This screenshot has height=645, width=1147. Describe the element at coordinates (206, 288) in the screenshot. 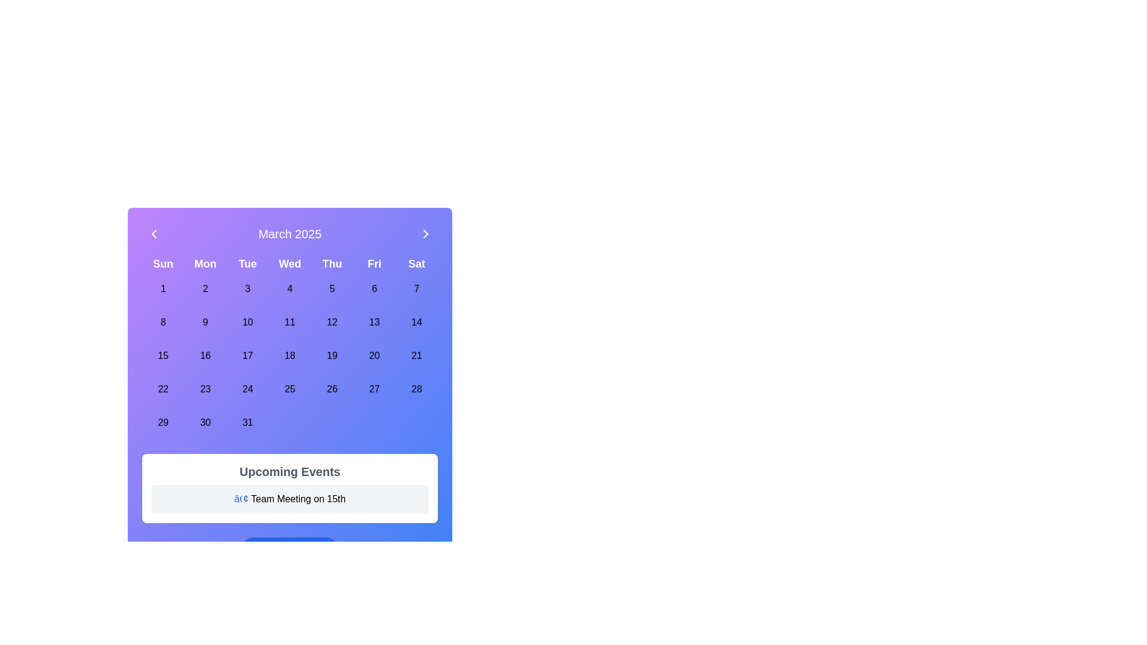

I see `the clickable calendar date cell representing the second day of the month, located below the 'Mon' header, to change its appearance` at that location.